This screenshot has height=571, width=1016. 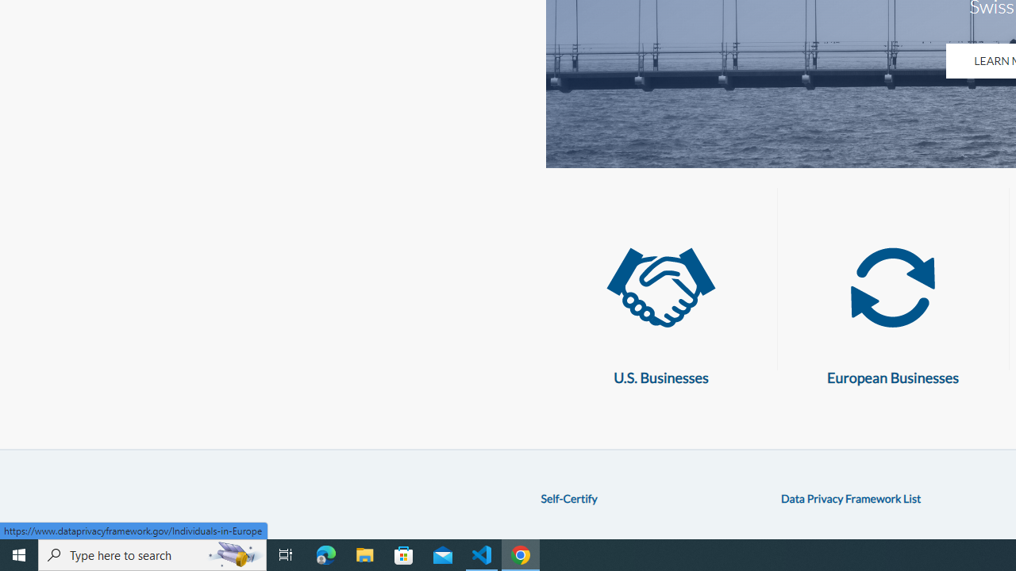 What do you see at coordinates (660, 288) in the screenshot?
I see `'U.S. Businesses'` at bounding box center [660, 288].